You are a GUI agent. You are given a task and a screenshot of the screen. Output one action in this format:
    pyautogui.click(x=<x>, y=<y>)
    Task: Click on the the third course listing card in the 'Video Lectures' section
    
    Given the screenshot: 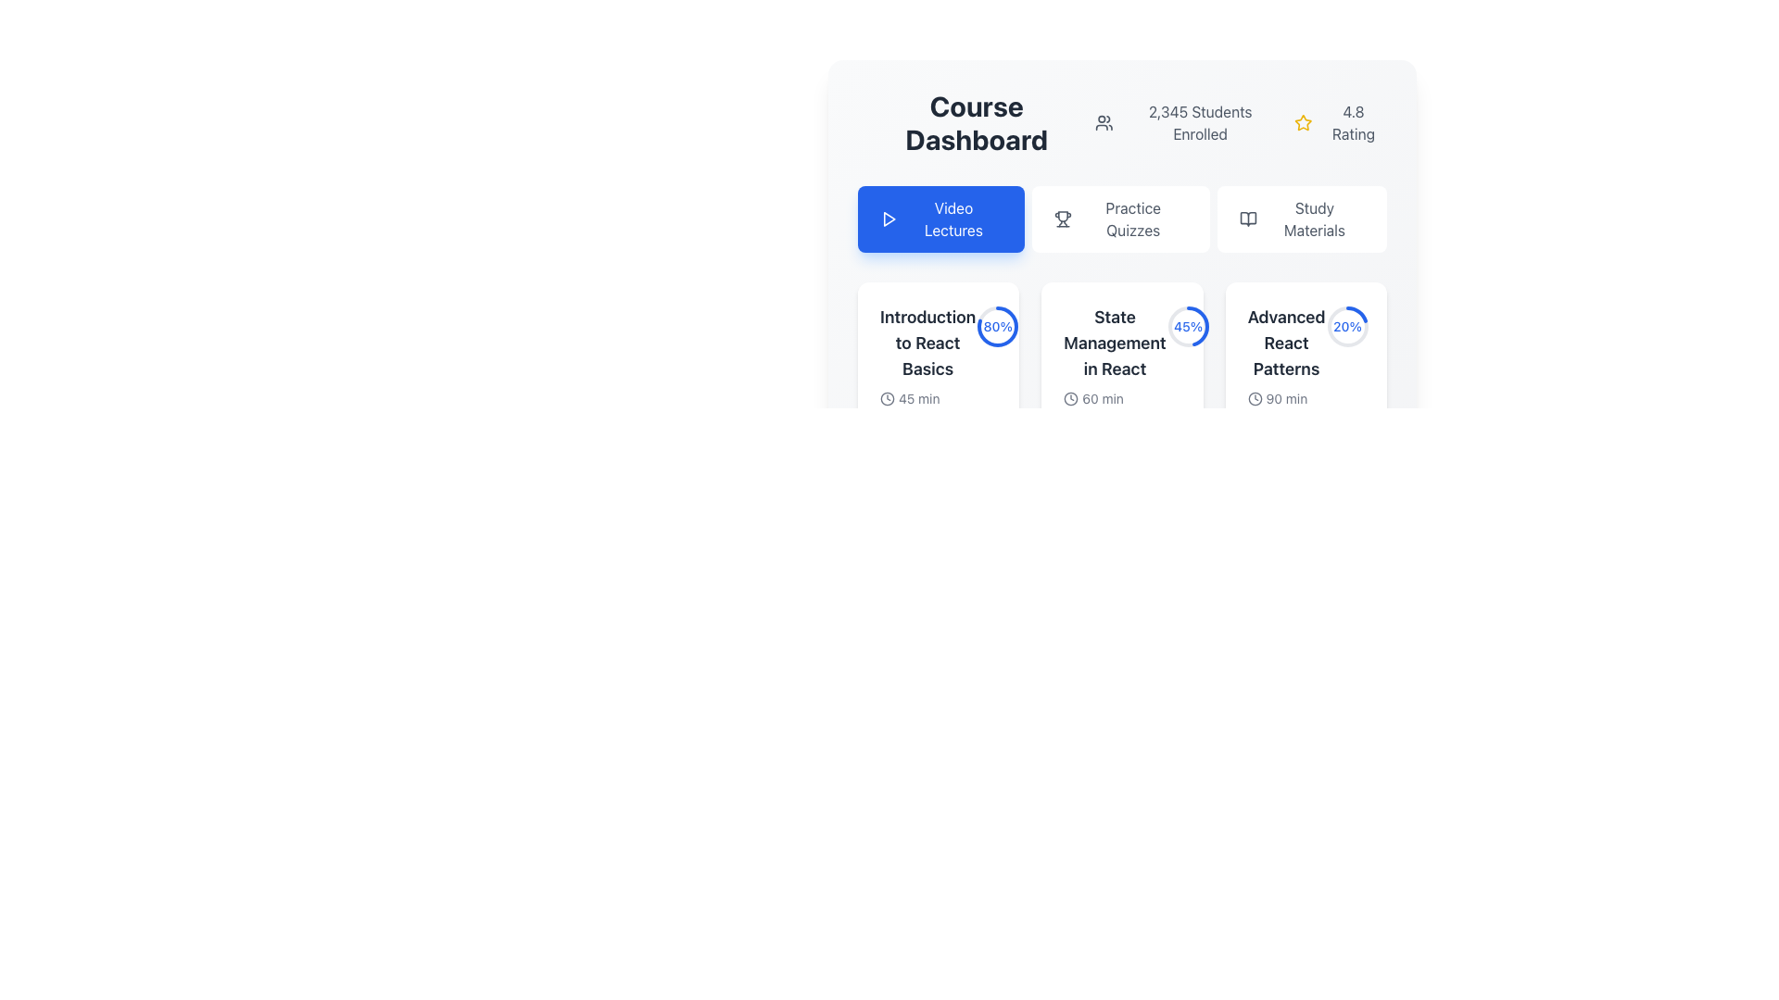 What is the action you would take?
    pyautogui.click(x=1285, y=377)
    